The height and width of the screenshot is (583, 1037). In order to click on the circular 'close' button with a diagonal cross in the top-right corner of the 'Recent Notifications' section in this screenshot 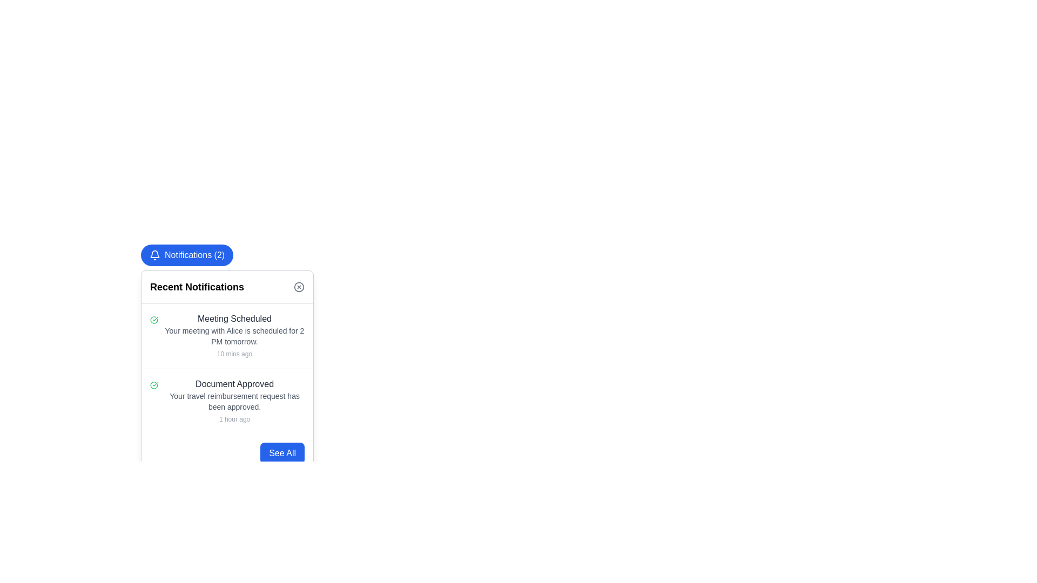, I will do `click(299, 287)`.